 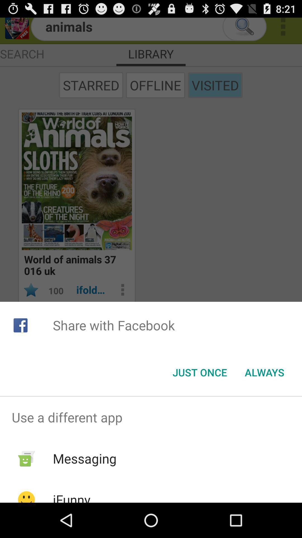 I want to click on just once, so click(x=199, y=372).